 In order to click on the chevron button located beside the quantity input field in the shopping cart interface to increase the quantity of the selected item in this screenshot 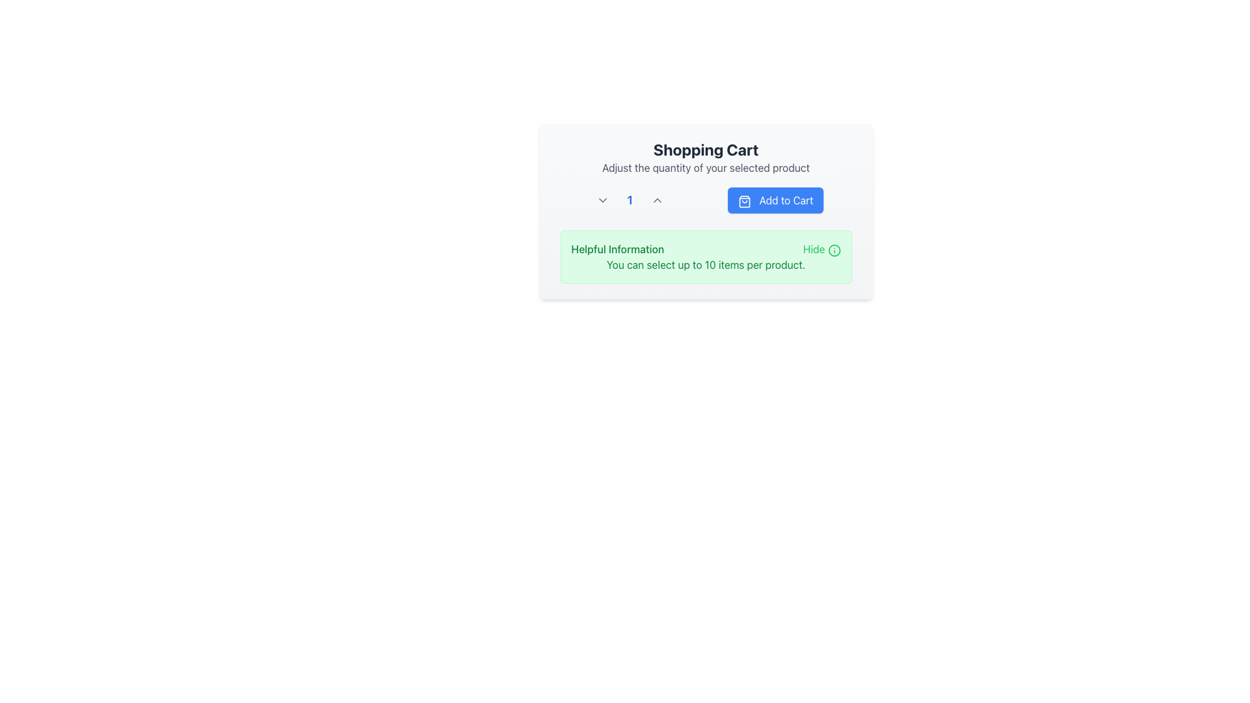, I will do `click(658, 200)`.